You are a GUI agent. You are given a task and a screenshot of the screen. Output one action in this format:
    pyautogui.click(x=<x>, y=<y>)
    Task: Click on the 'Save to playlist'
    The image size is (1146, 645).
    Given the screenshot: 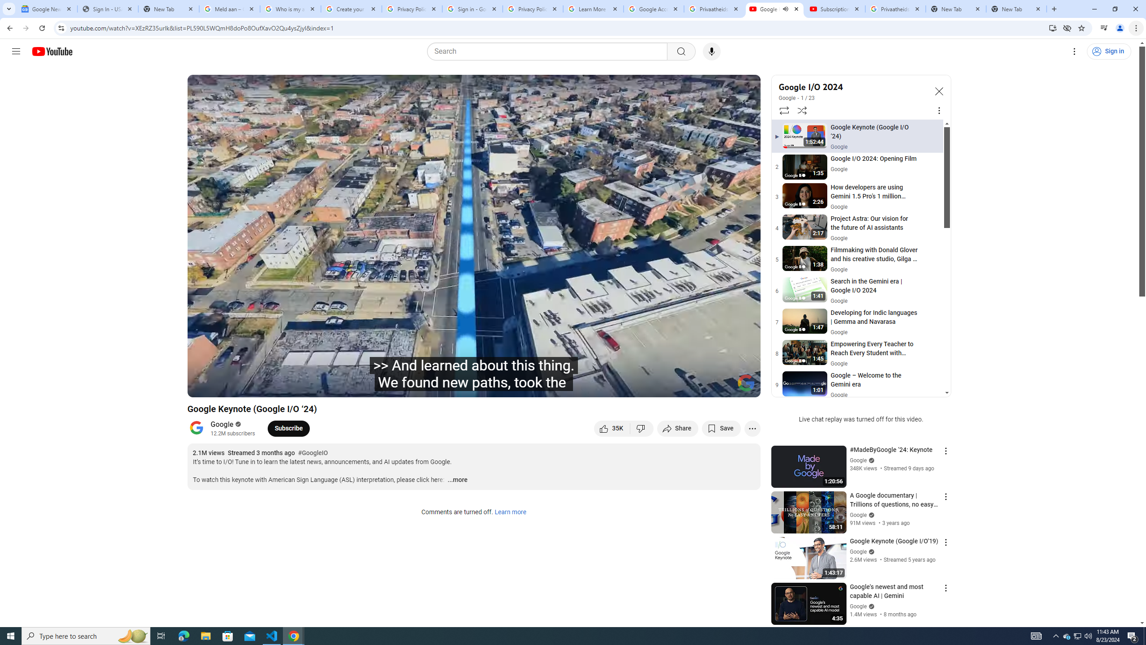 What is the action you would take?
    pyautogui.click(x=721, y=428)
    